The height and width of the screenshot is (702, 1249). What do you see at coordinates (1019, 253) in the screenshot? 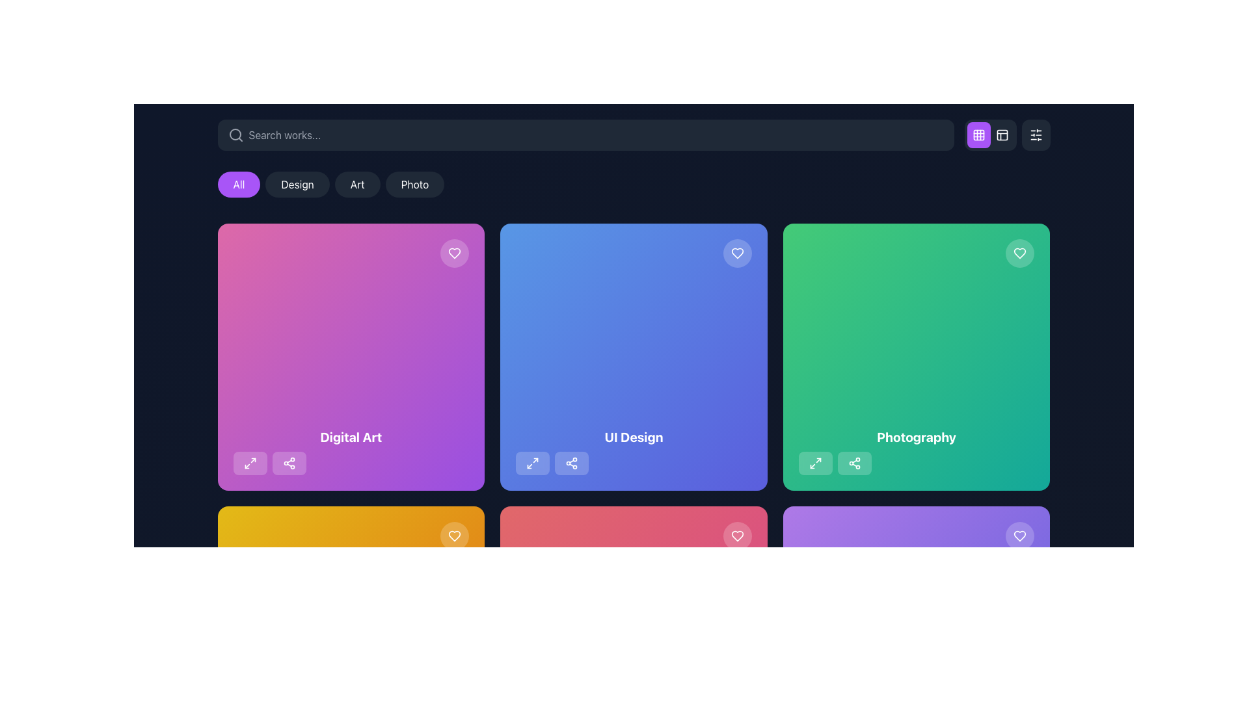
I see `the circular light green button with a heart icon located at the top-right corner of the 'Photography' card` at bounding box center [1019, 253].